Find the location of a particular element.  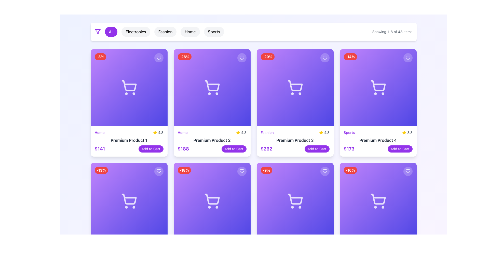

the heart icon located is located at coordinates (158, 58).